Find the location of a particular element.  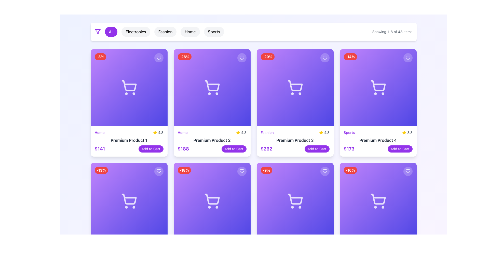

the heart icon located is located at coordinates (158, 58).